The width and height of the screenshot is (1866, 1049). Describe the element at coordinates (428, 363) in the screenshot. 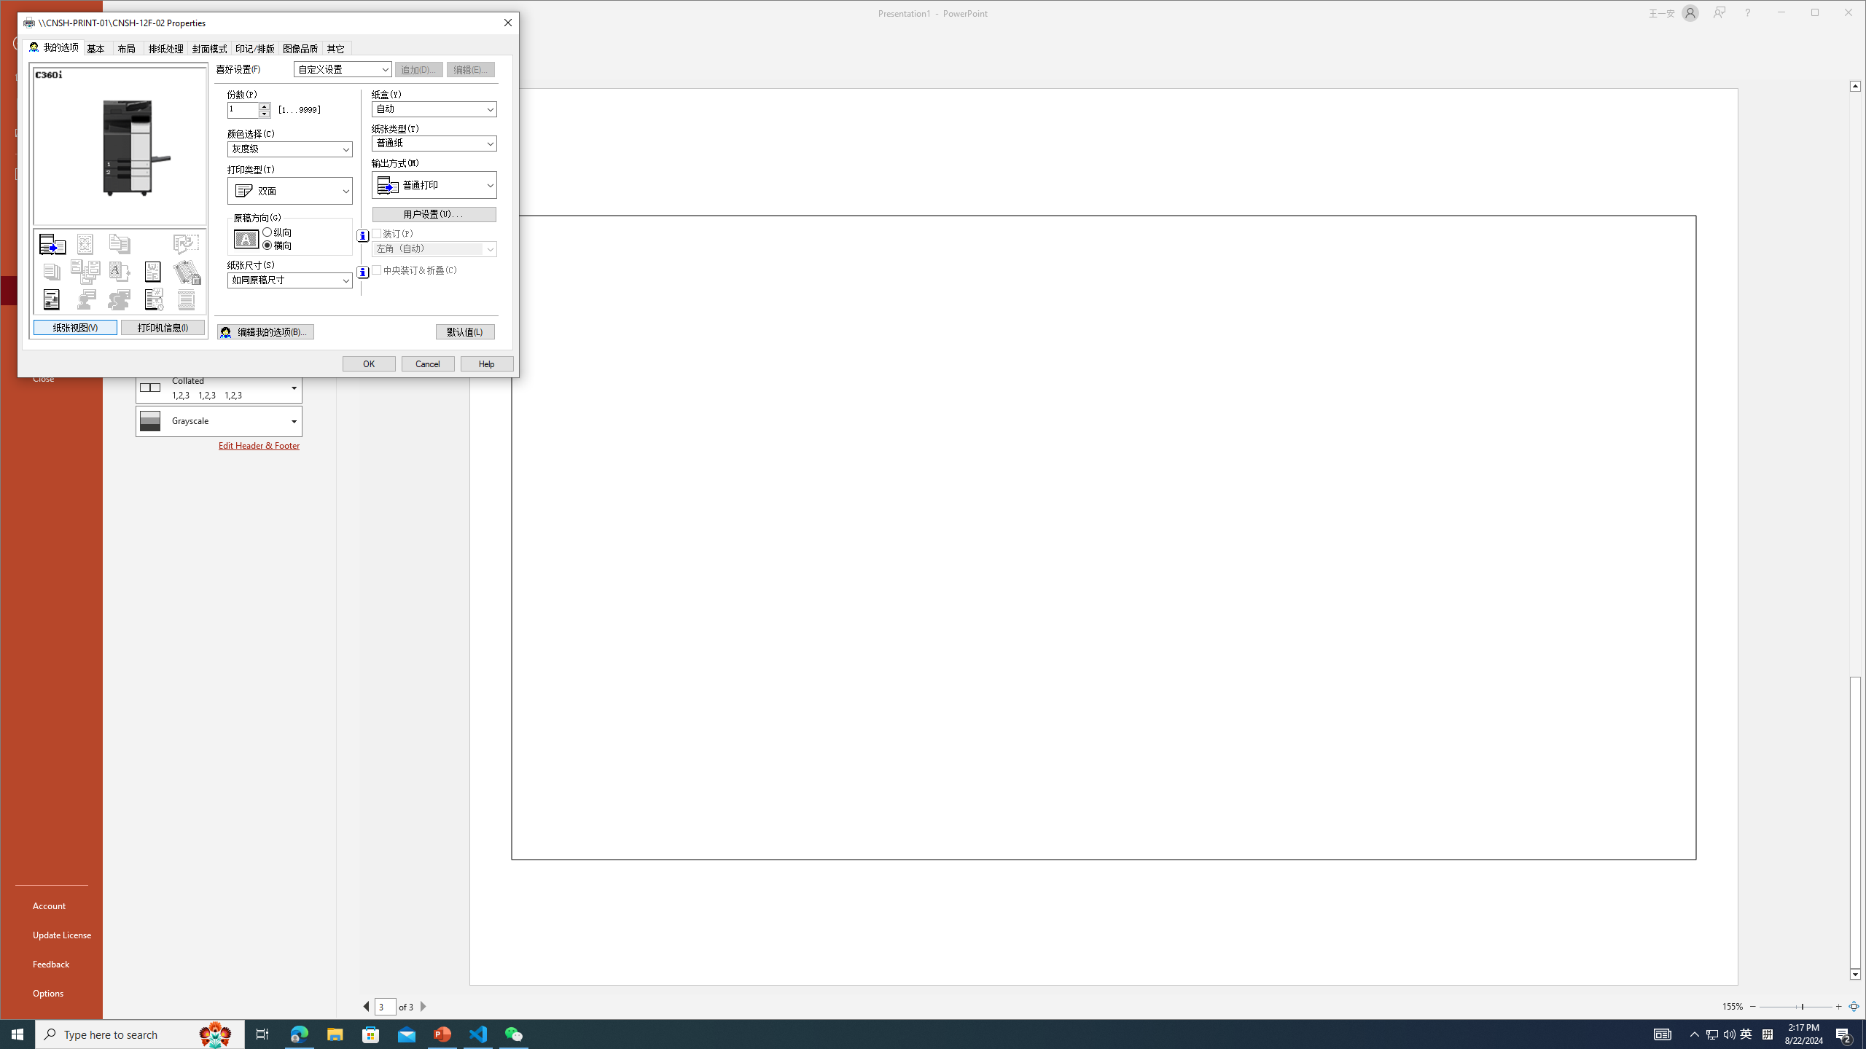

I see `'Cancel'` at that location.